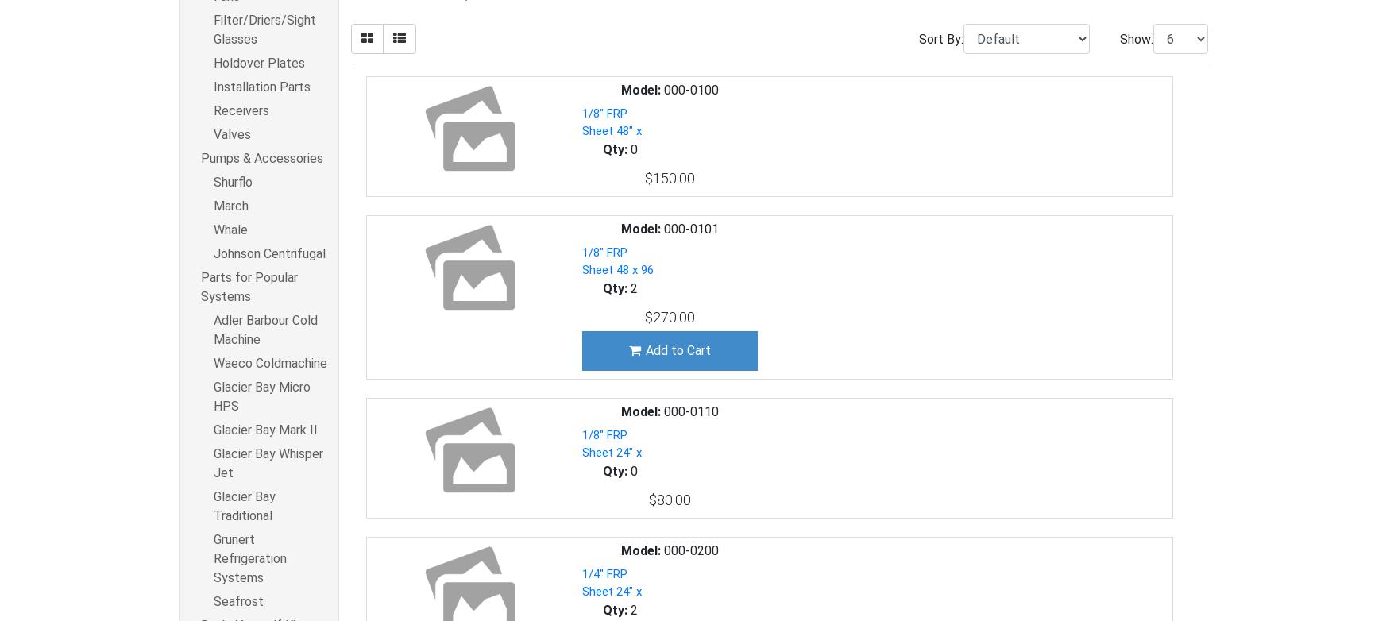 The image size is (1390, 621). Describe the element at coordinates (250, 557) in the screenshot. I see `'Grunert Refrigeration Systems'` at that location.